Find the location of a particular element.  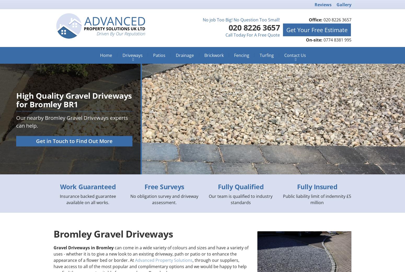

'Public liability limit of indemnity £5 million' is located at coordinates (317, 199).